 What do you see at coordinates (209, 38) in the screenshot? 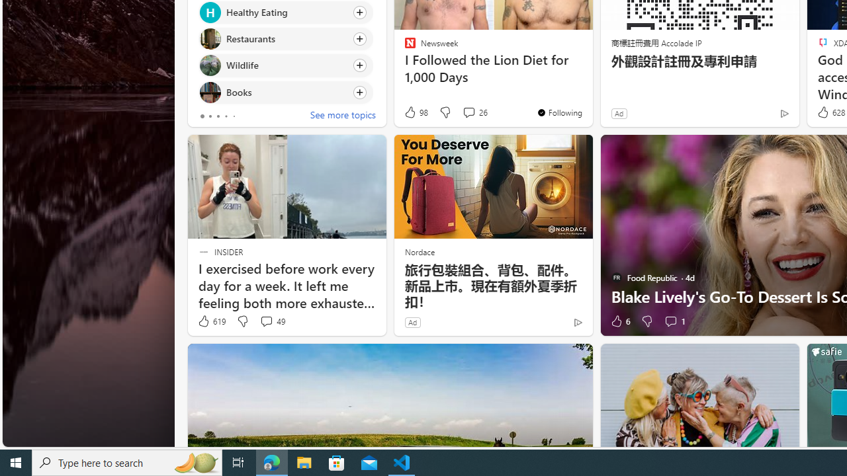
I see `'Restaurants'` at bounding box center [209, 38].